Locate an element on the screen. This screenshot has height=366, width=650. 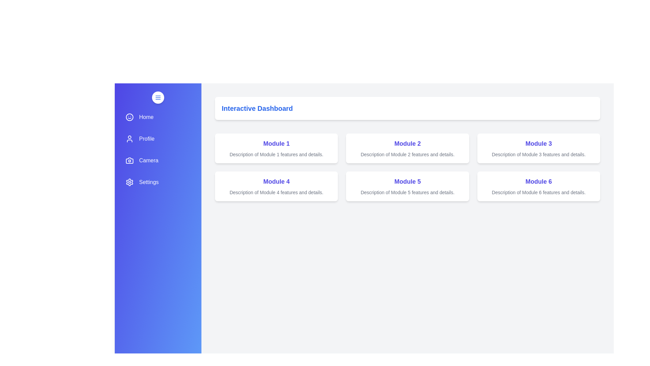
the menu toggle icon located at the top center of the sidebar is located at coordinates (157, 98).